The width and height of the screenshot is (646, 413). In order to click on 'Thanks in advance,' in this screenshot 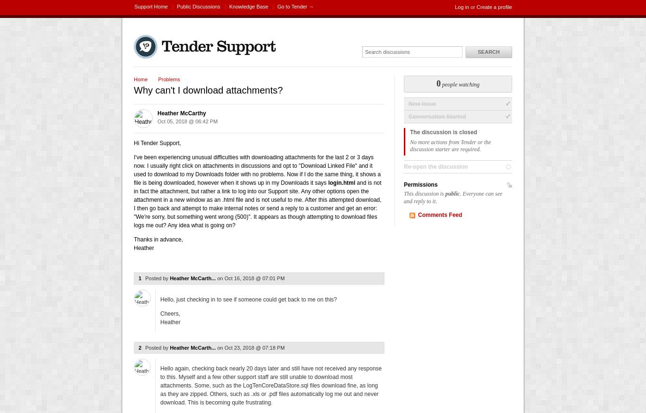, I will do `click(158, 239)`.